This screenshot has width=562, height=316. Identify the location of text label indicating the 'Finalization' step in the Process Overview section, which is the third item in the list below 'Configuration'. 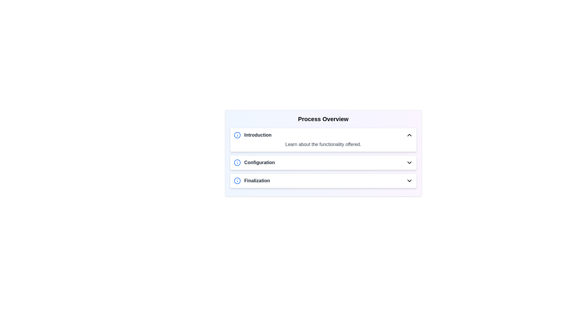
(257, 180).